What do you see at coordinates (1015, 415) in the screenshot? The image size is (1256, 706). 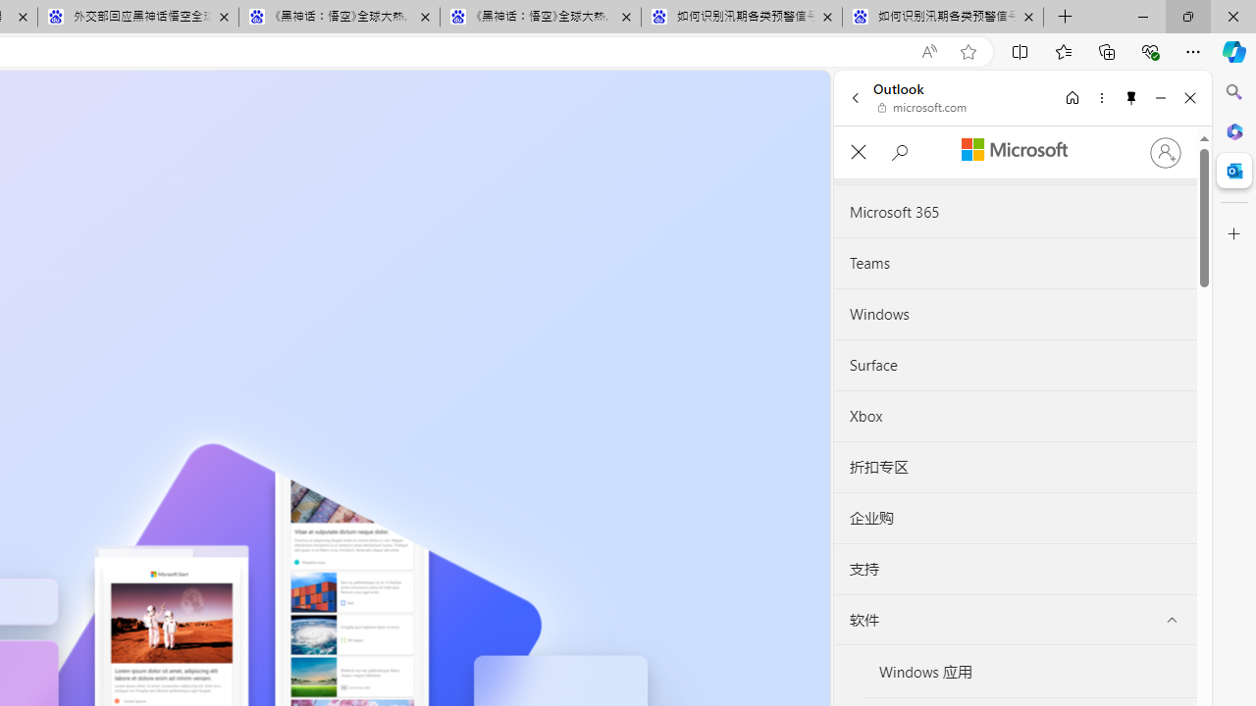 I see `'Xbox'` at bounding box center [1015, 415].